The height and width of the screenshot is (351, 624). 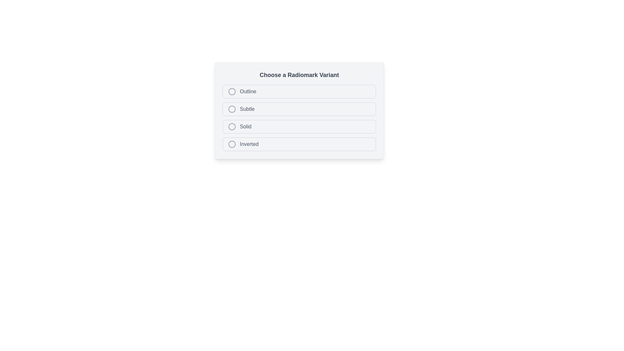 I want to click on the radiomark indicator for the 'Subtle' option located on the left side of the 'Subtle' text in the second option of the vertically stacked list, so click(x=232, y=109).